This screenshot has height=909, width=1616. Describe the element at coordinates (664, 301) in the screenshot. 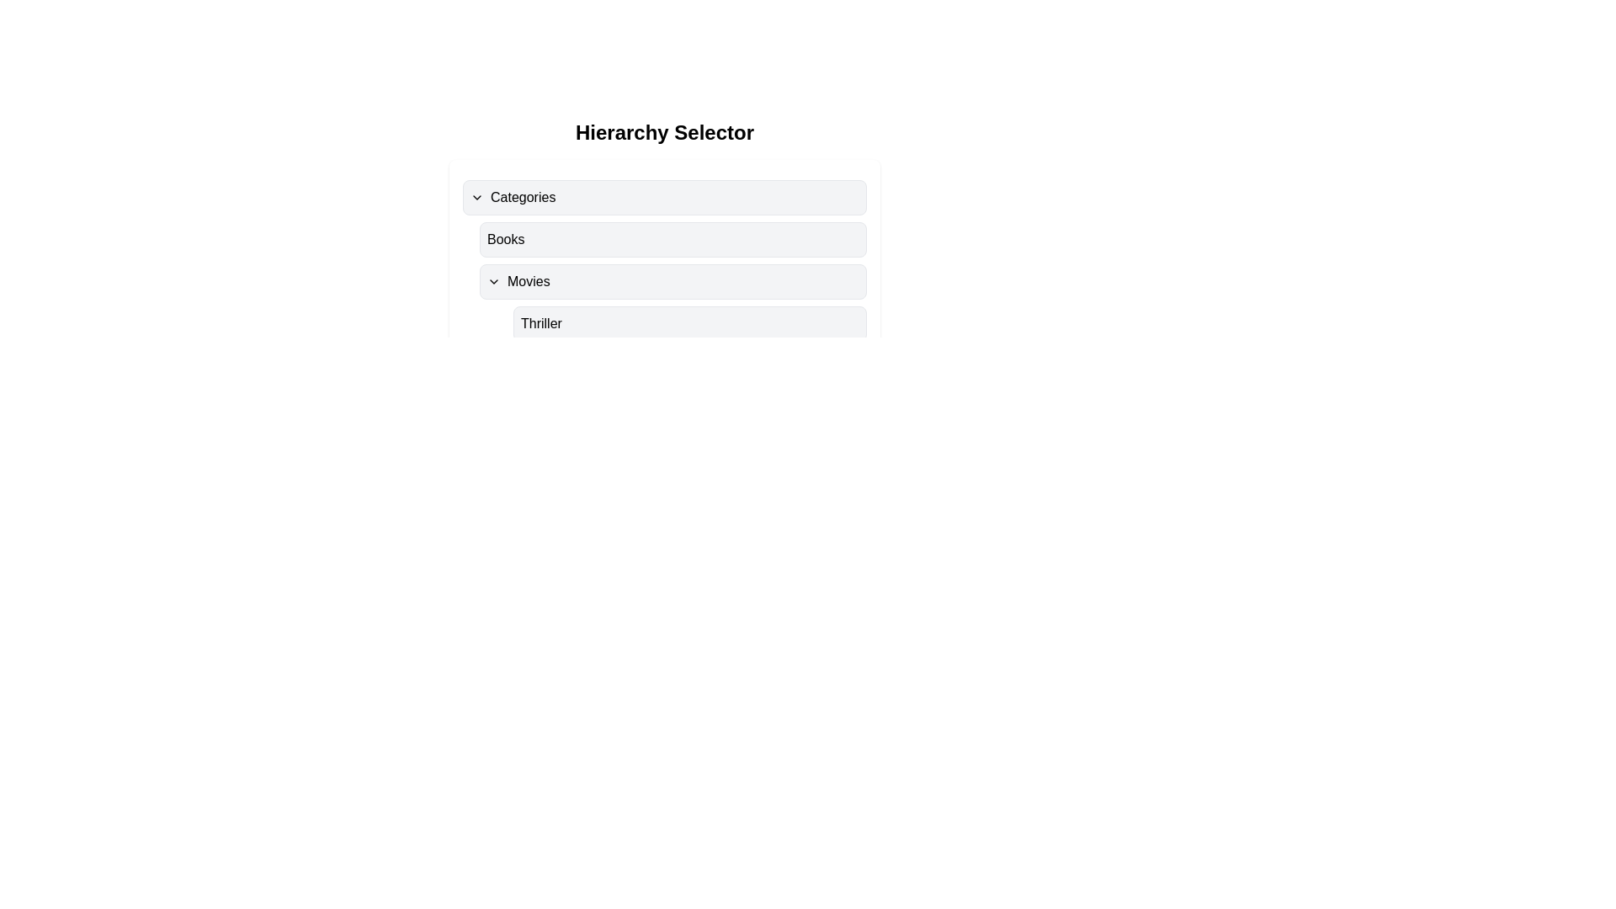

I see `the hierarchical navigation item representing 'Thriller' within the 'CategoriesBooksMovies' section` at that location.